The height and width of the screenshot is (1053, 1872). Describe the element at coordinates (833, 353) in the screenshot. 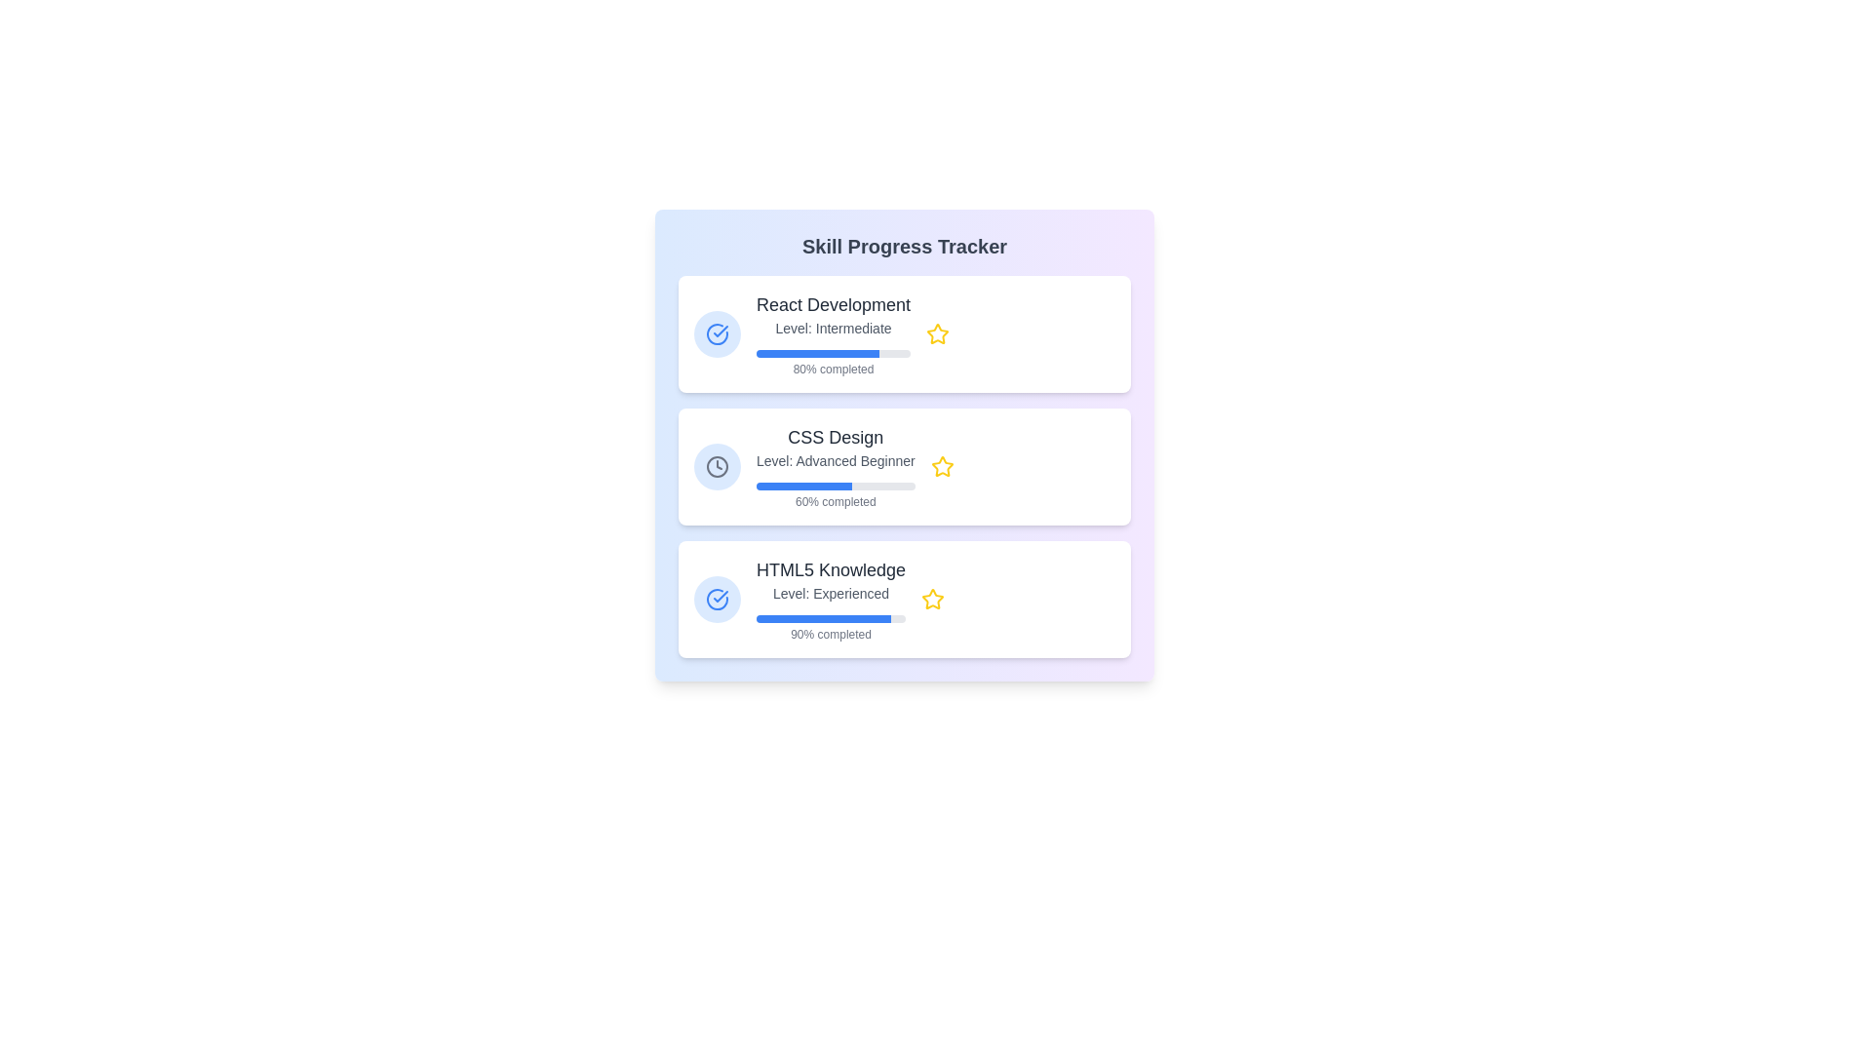

I see `the Progress indicator (progress bar) located in the 'React Development' card, which is the first progress bar among similar elements, indicating 80% completion` at that location.